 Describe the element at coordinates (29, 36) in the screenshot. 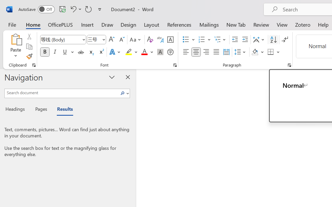

I see `'Cut'` at that location.